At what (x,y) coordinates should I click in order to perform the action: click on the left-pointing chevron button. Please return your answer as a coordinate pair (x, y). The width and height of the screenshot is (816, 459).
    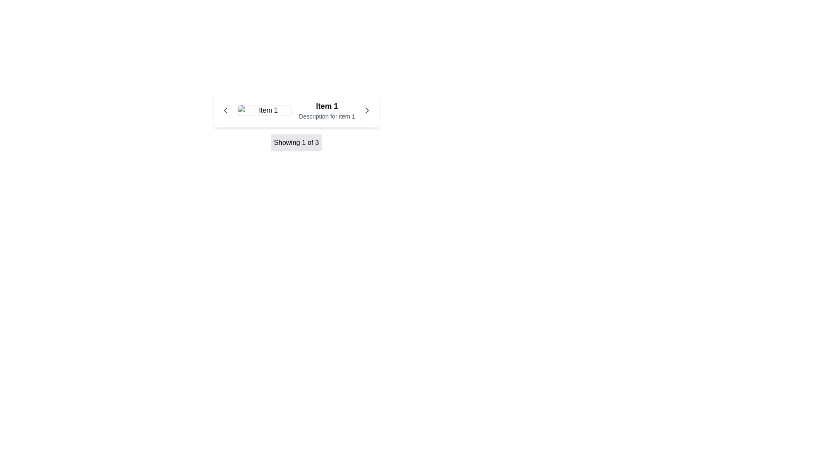
    Looking at the image, I should click on (226, 110).